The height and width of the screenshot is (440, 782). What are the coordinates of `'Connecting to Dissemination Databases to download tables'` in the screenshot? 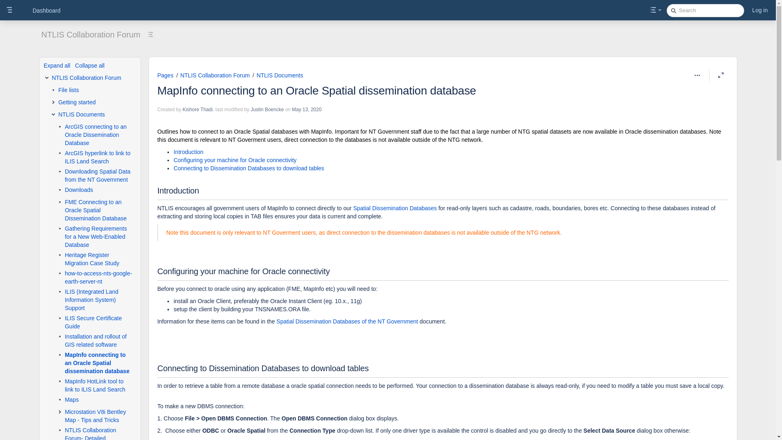 It's located at (248, 167).